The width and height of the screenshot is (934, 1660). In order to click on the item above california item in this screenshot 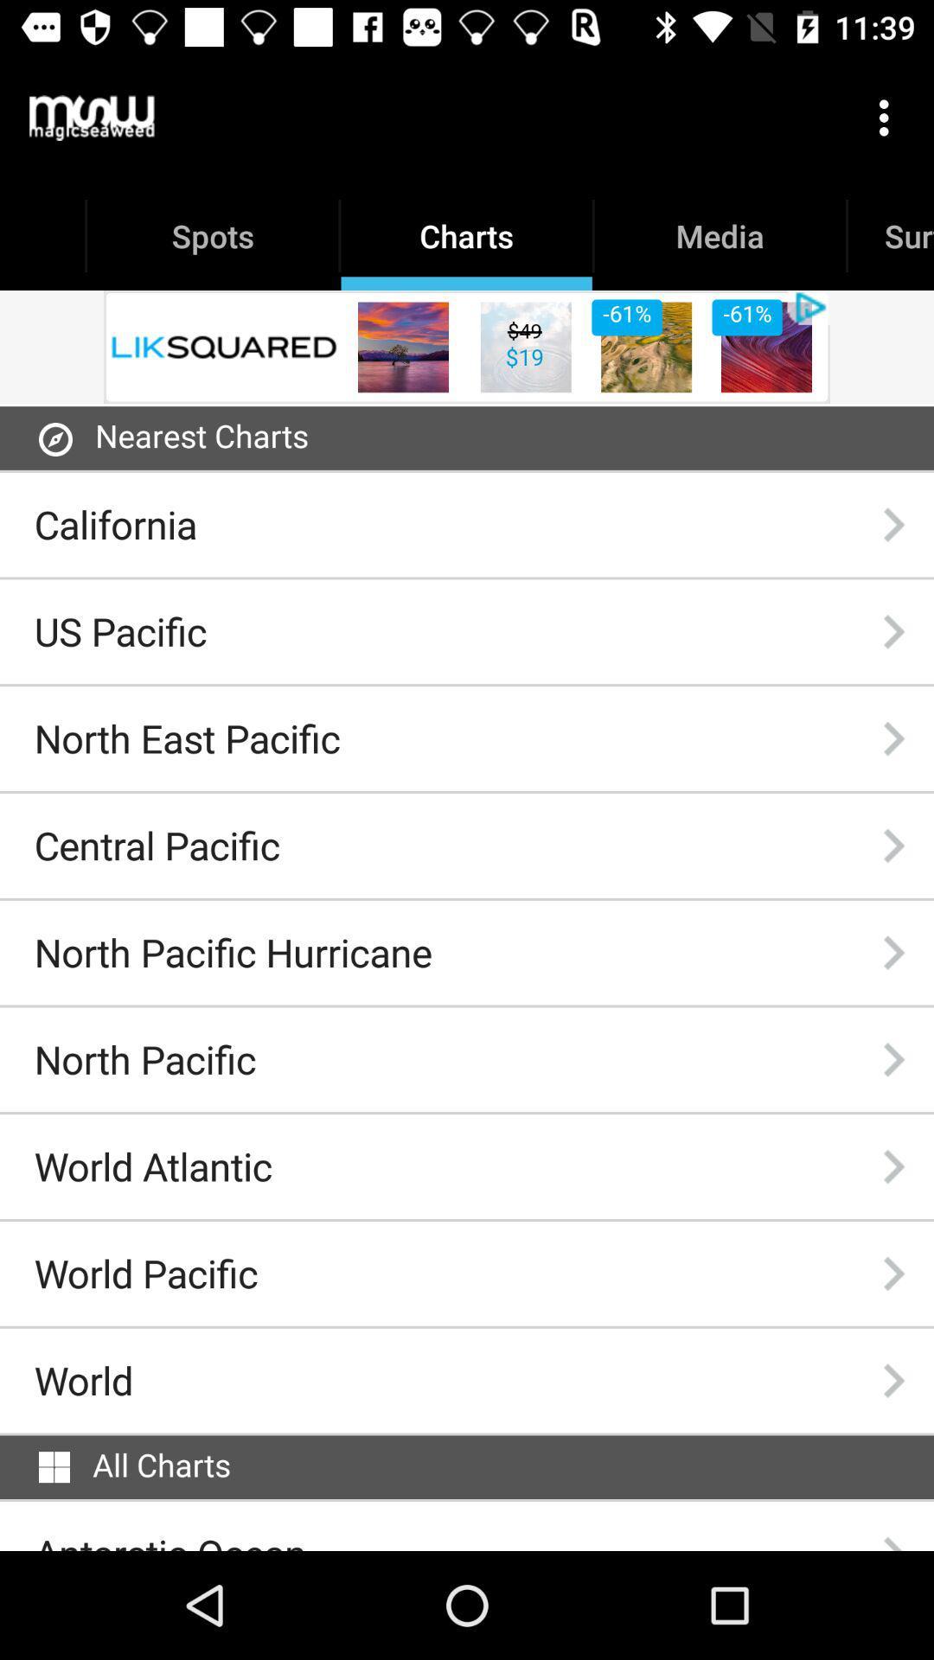, I will do `click(54, 439)`.